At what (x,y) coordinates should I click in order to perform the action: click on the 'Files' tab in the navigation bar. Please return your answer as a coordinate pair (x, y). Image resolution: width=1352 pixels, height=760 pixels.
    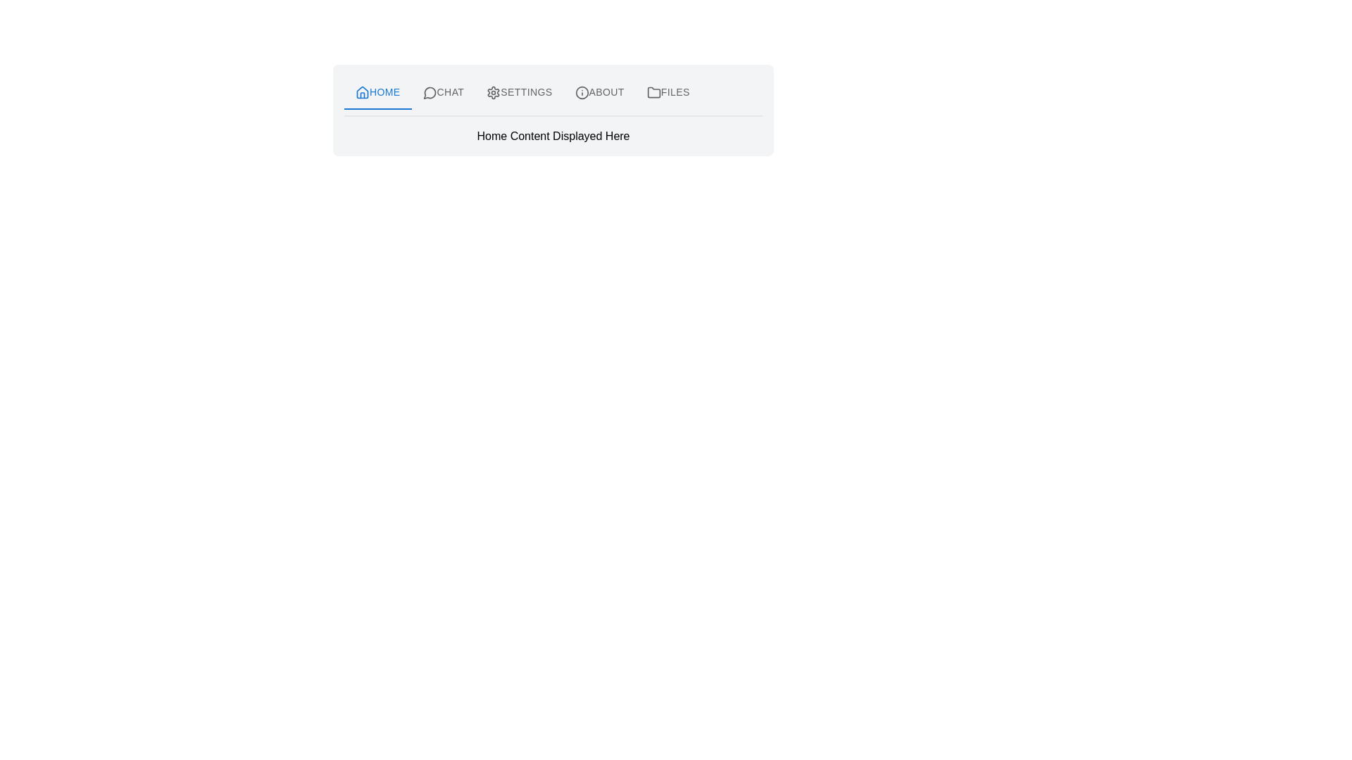
    Looking at the image, I should click on (668, 92).